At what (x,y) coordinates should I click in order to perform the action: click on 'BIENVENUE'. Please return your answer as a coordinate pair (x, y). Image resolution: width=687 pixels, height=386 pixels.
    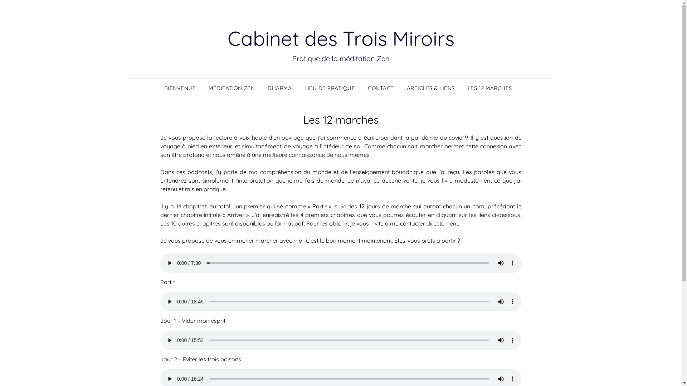
    Looking at the image, I should click on (182, 88).